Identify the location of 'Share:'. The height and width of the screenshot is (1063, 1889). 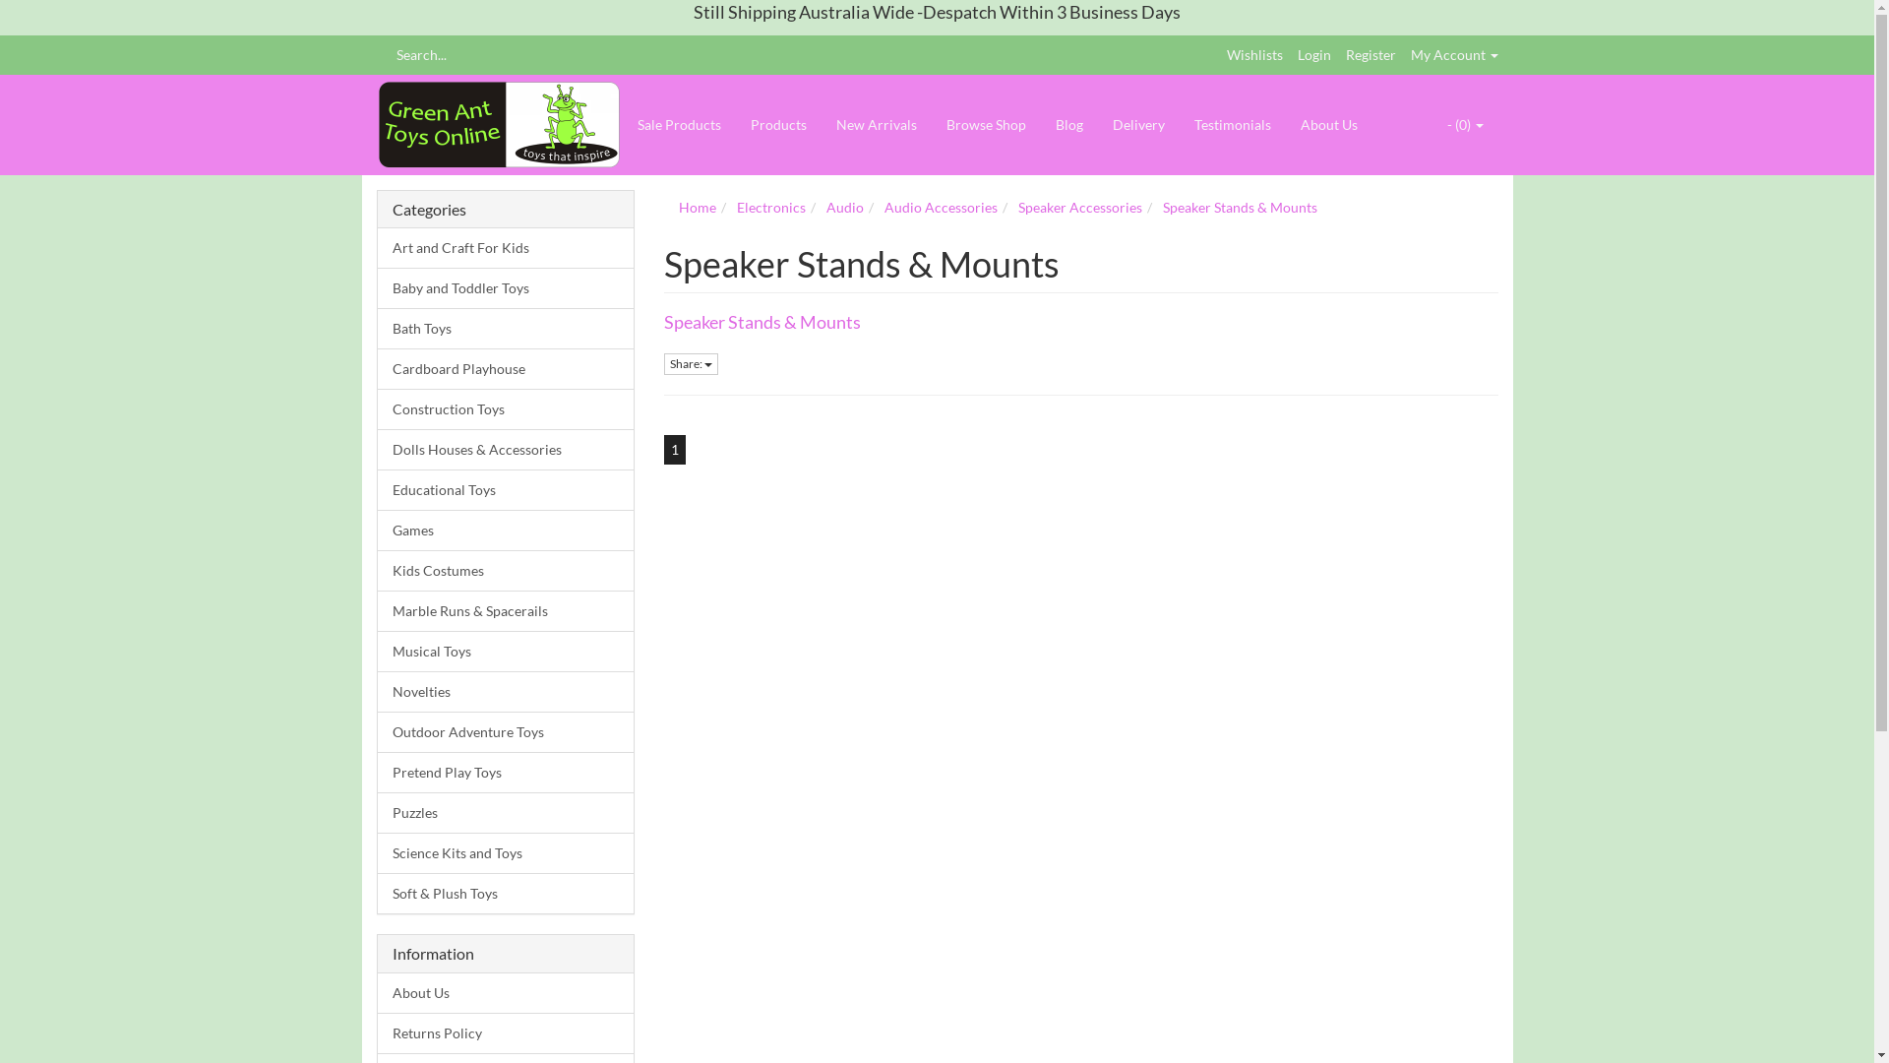
(691, 364).